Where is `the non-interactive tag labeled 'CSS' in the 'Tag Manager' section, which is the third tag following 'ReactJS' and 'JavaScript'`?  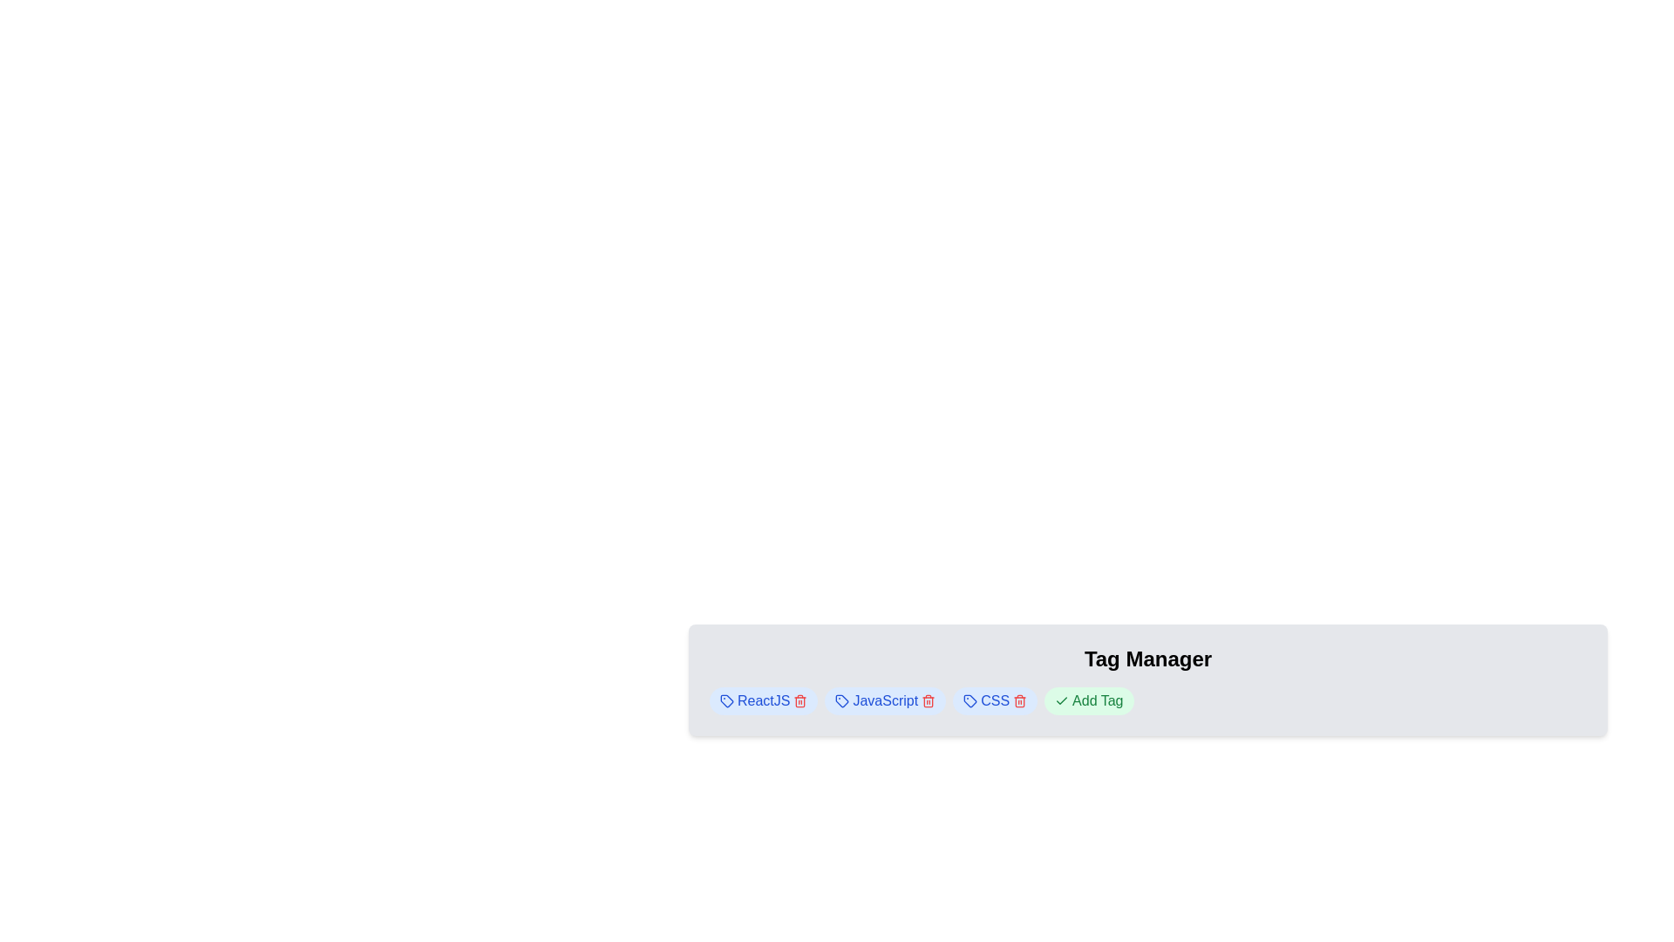 the non-interactive tag labeled 'CSS' in the 'Tag Manager' section, which is the third tag following 'ReactJS' and 'JavaScript' is located at coordinates (995, 700).